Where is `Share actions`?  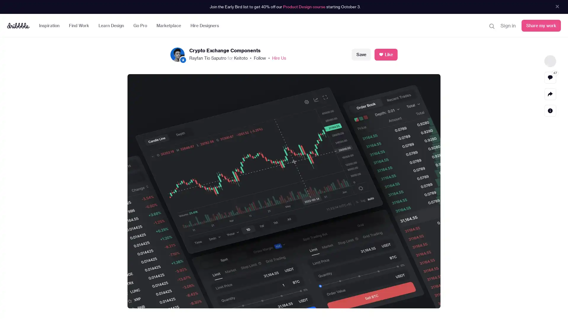
Share actions is located at coordinates (550, 93).